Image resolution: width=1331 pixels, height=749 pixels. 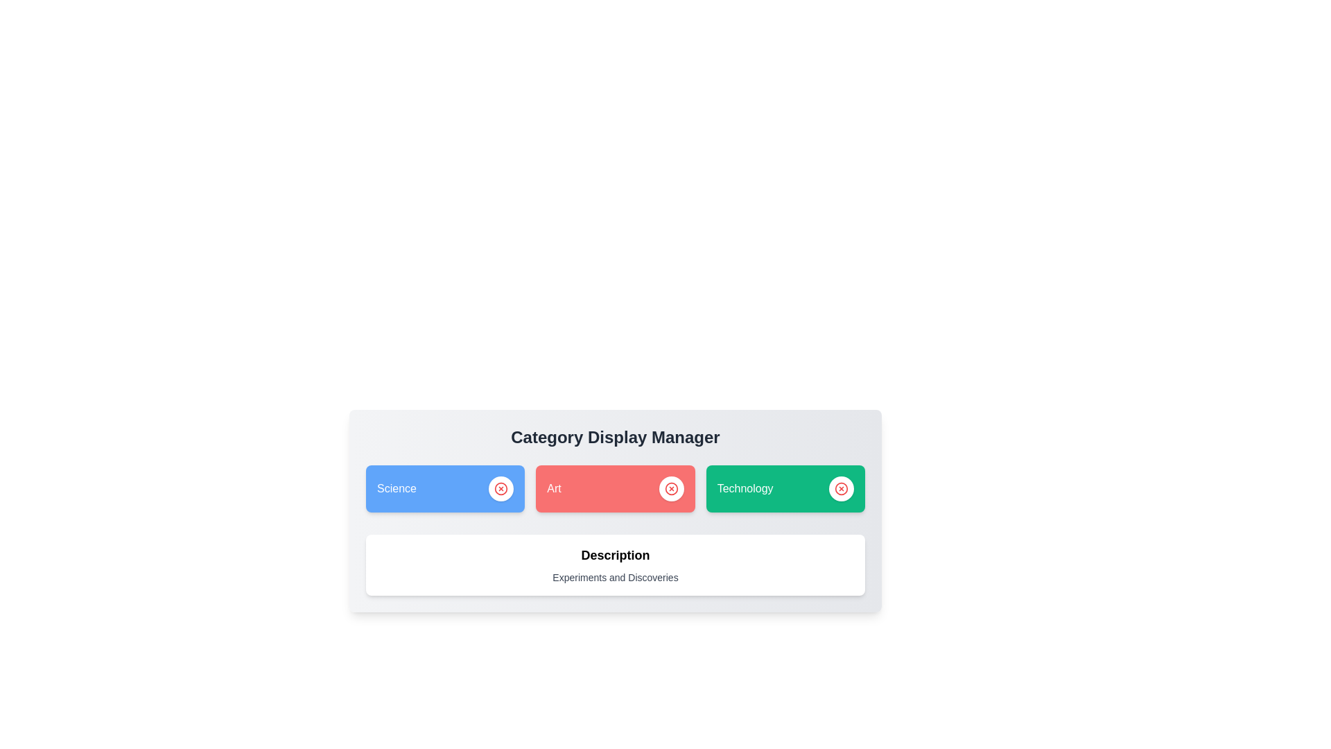 What do you see at coordinates (615, 488) in the screenshot?
I see `the category Art to display its description` at bounding box center [615, 488].